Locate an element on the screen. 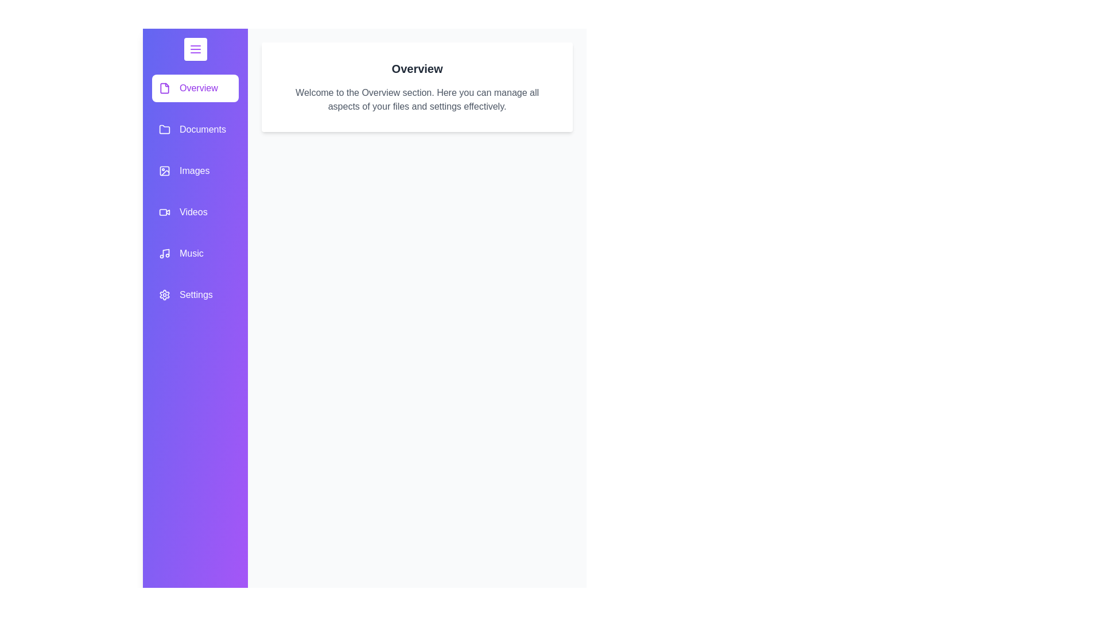 The height and width of the screenshot is (620, 1102). menu button to toggle the drawer's state is located at coordinates (195, 48).